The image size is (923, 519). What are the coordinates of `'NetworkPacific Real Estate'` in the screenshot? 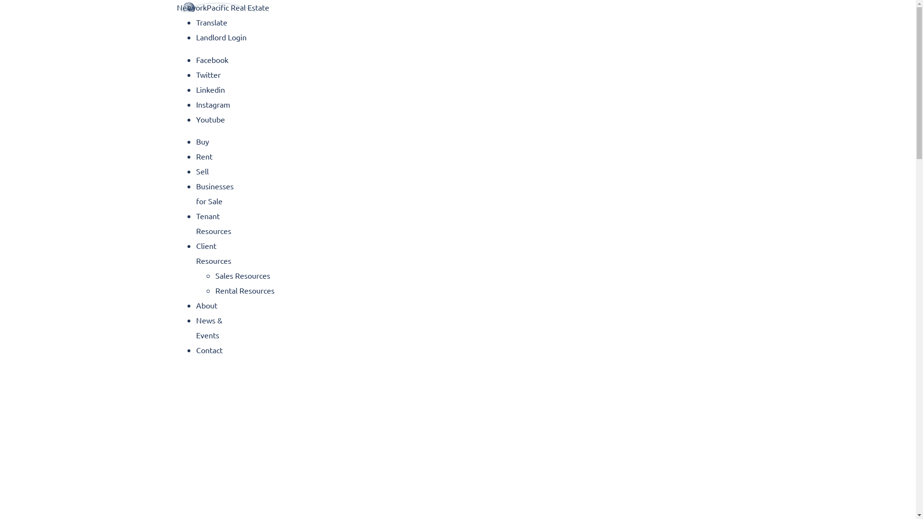 It's located at (223, 7).